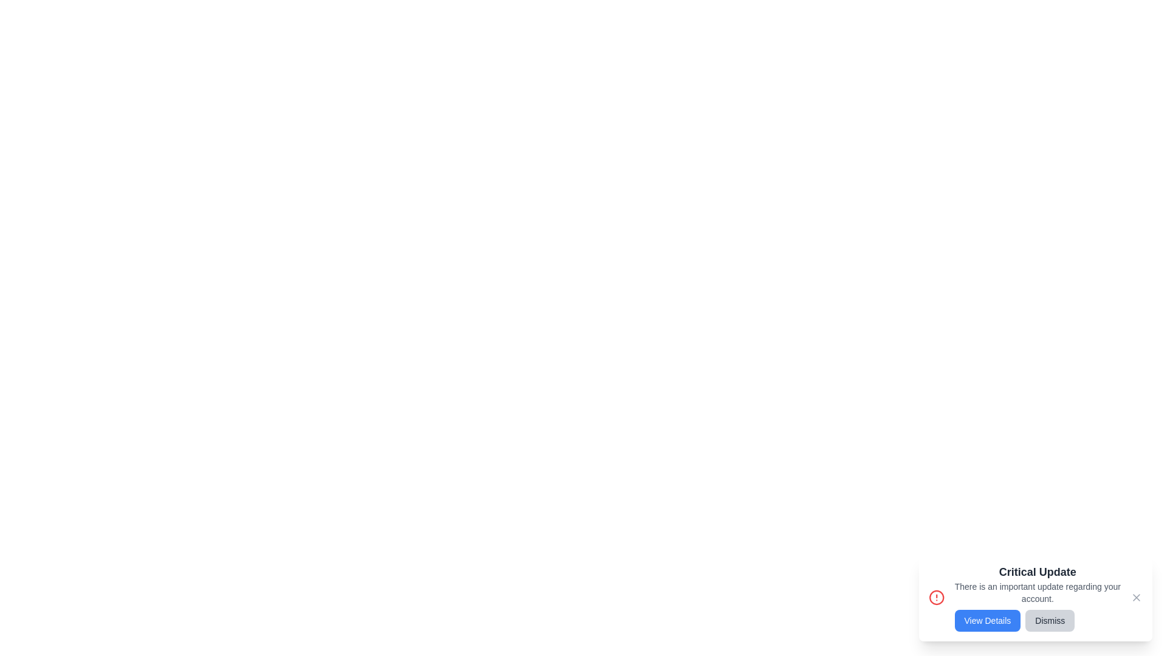 Image resolution: width=1167 pixels, height=656 pixels. I want to click on the 'Dismiss' button to hide the notification, so click(1049, 621).